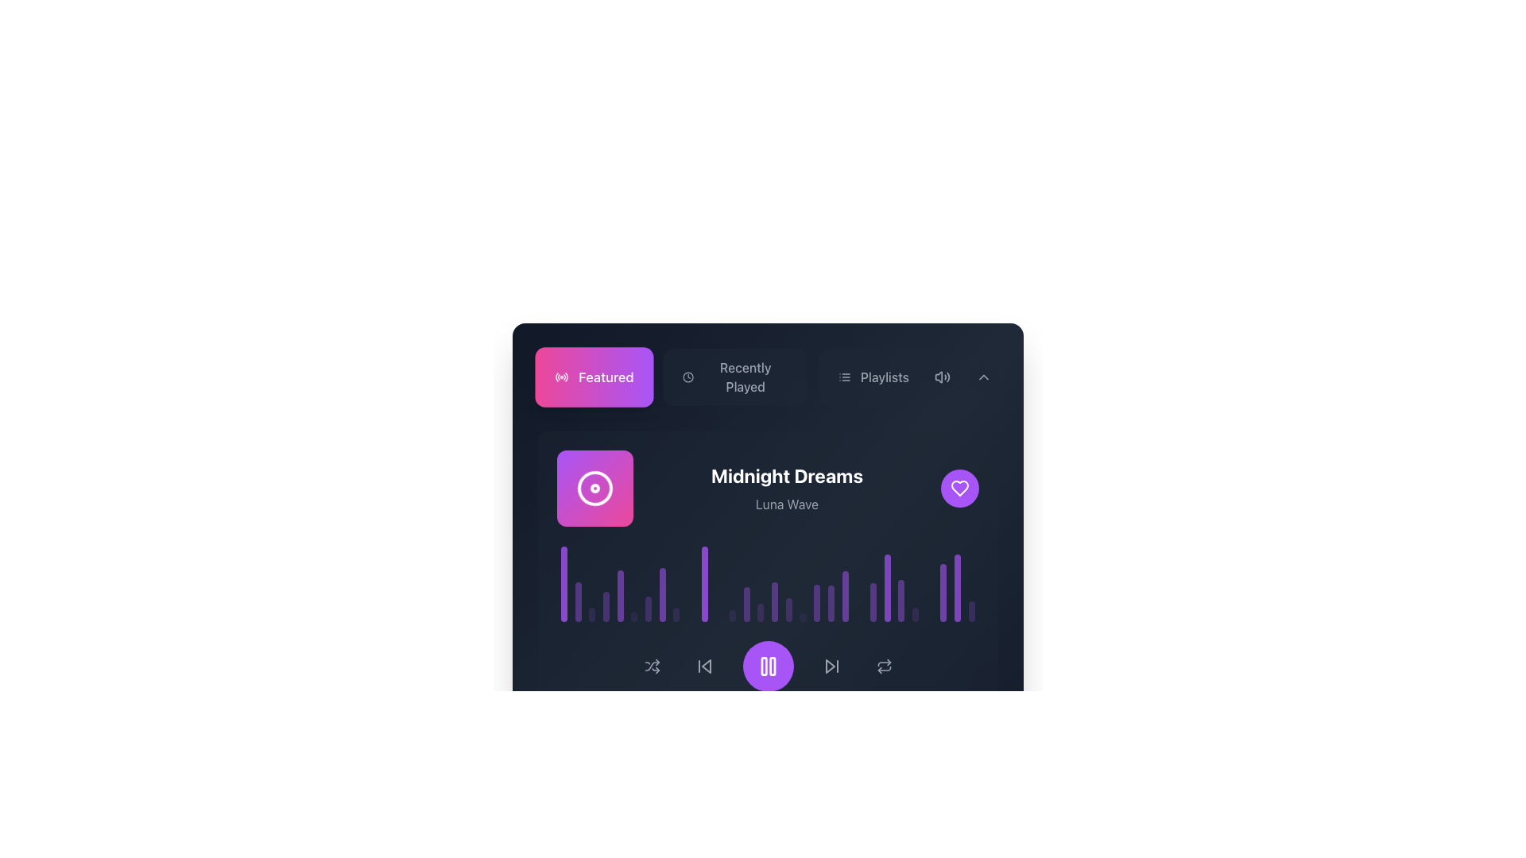  I want to click on the sixth vertical rectangle with rounded edges, styled with a light purple hue and semi-transparent background, in the graphical equalizer output visual, so click(633, 616).